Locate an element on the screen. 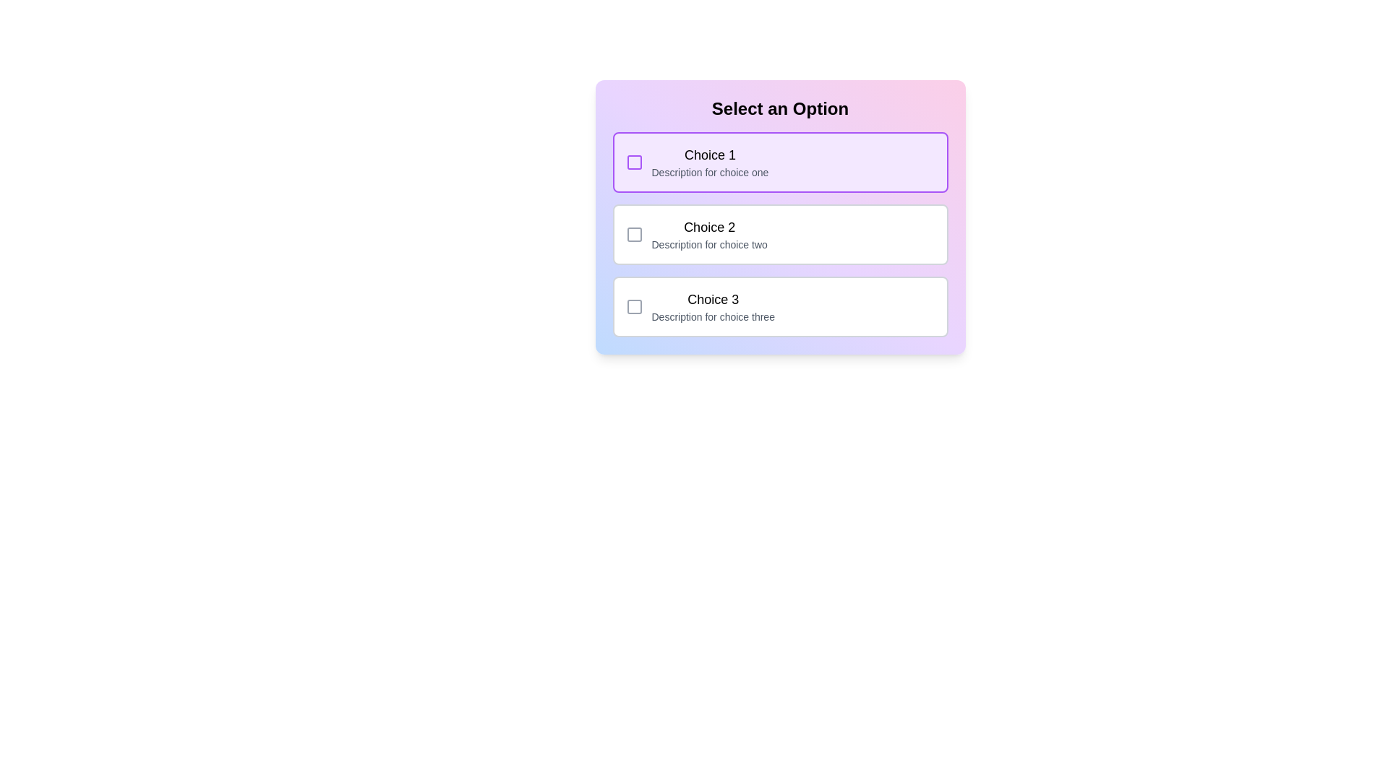 The image size is (1388, 780). the checkbox icon for the third option ('Choice 3') is located at coordinates (634, 305).